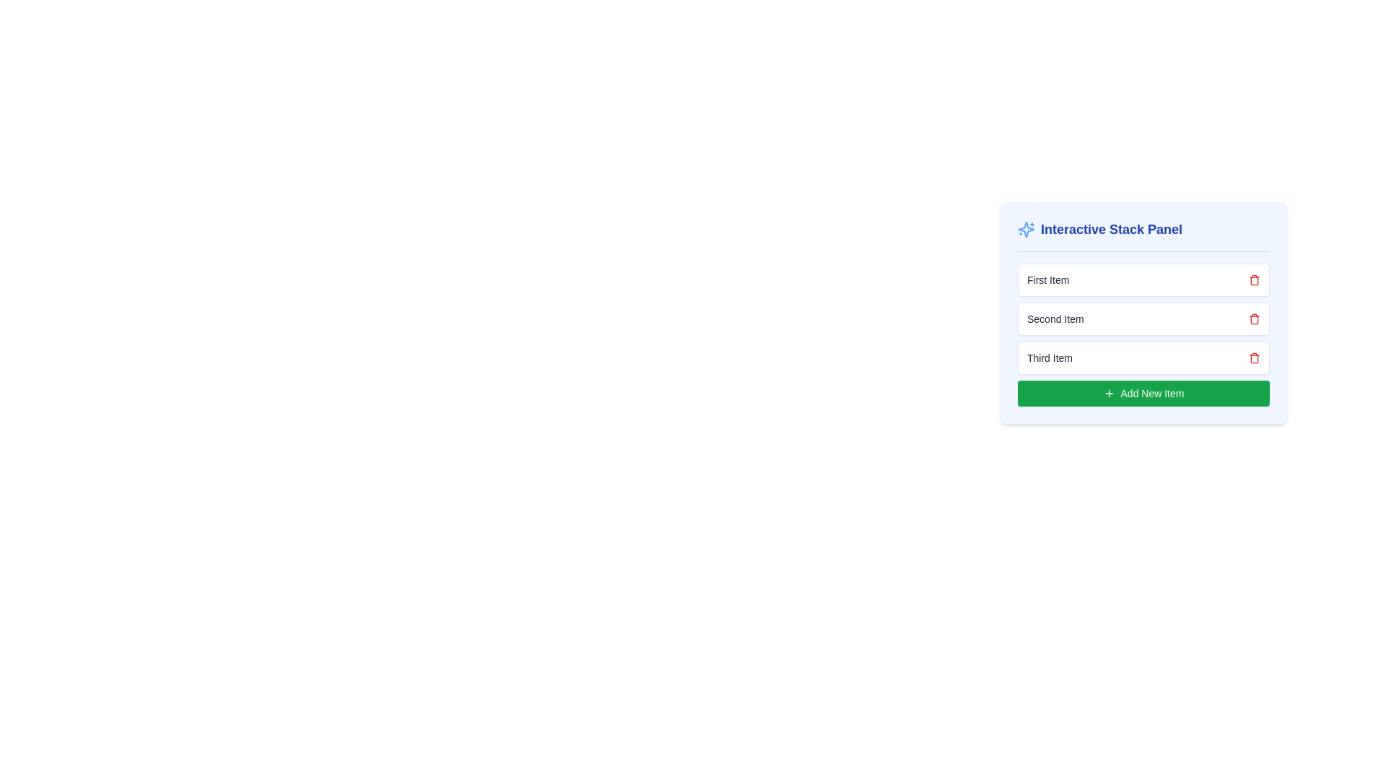  What do you see at coordinates (1143, 393) in the screenshot?
I see `the green button labeled 'Add New Item' with a '+' icon` at bounding box center [1143, 393].